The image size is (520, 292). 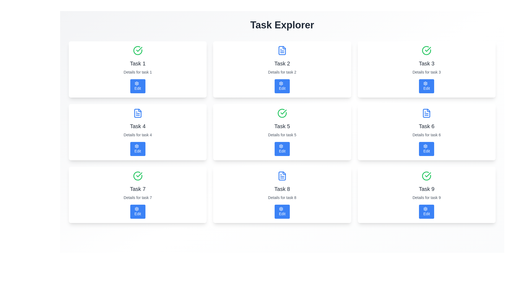 I want to click on the gear-shaped settings icon, which is outlined in blue and located next to the 'Edit' label on the 'Task 2' card in the task grid, so click(x=281, y=83).